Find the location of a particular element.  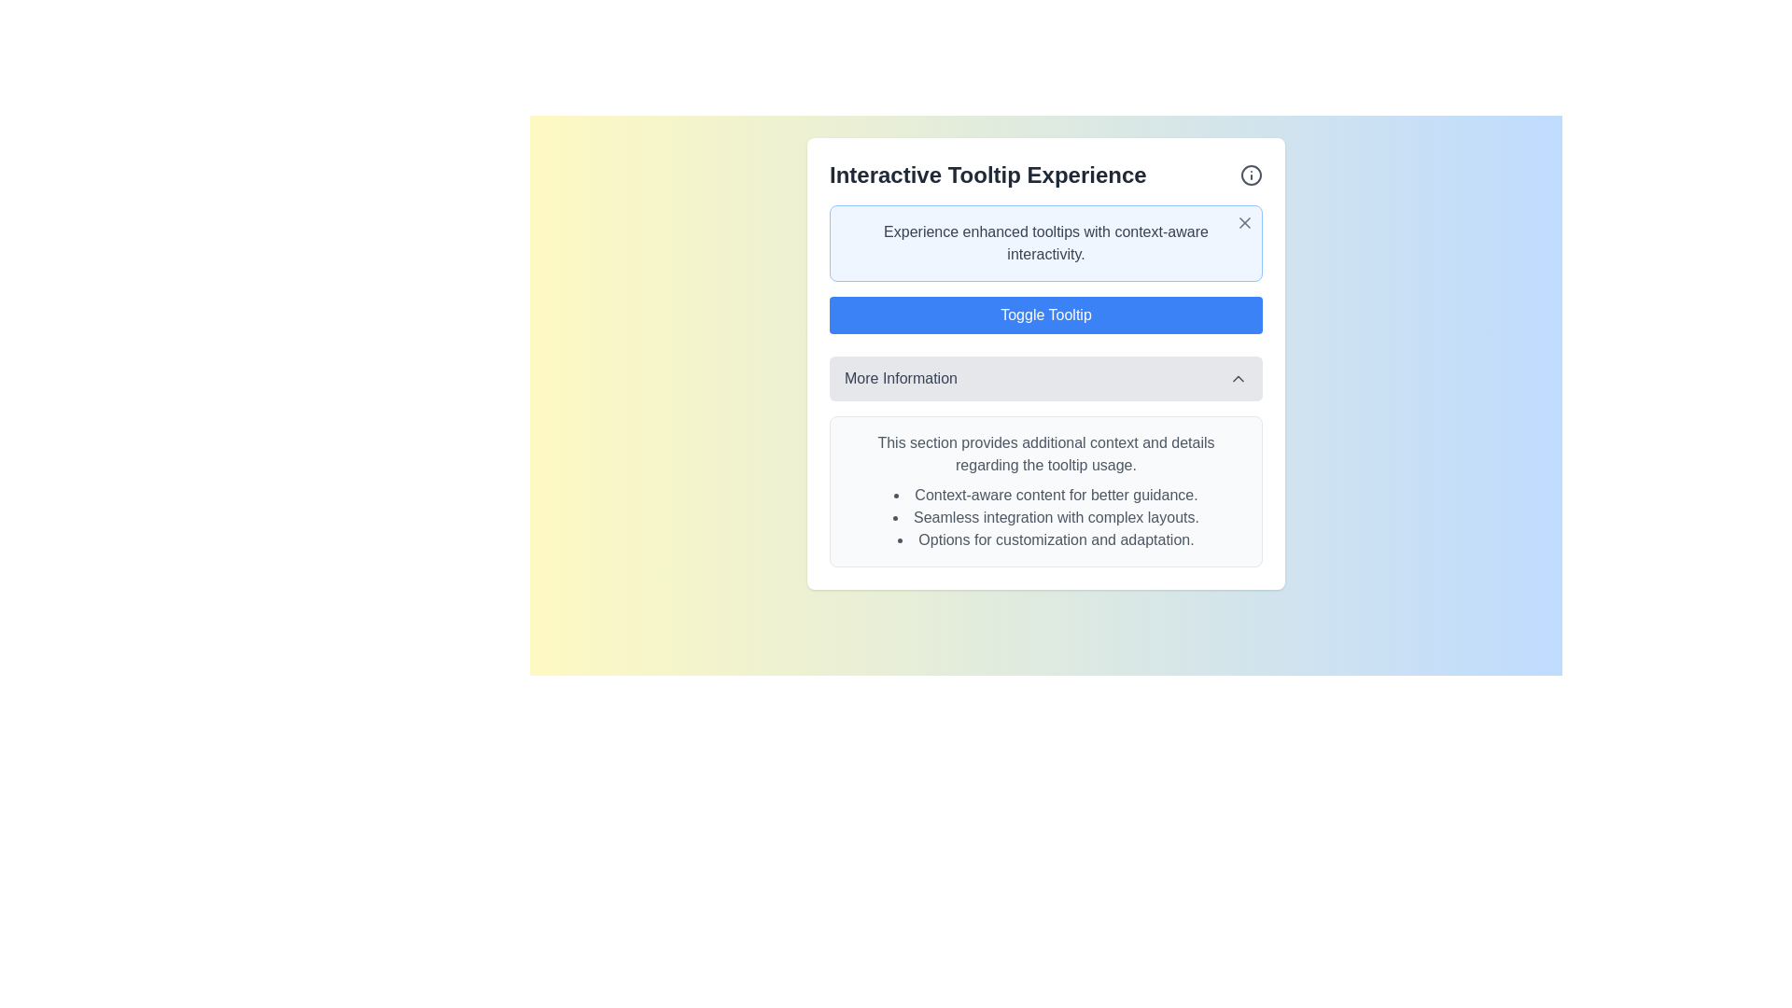

the informational icon located at the top-right corner of the 'Interactive Tooltip Experience' section is located at coordinates (1251, 175).